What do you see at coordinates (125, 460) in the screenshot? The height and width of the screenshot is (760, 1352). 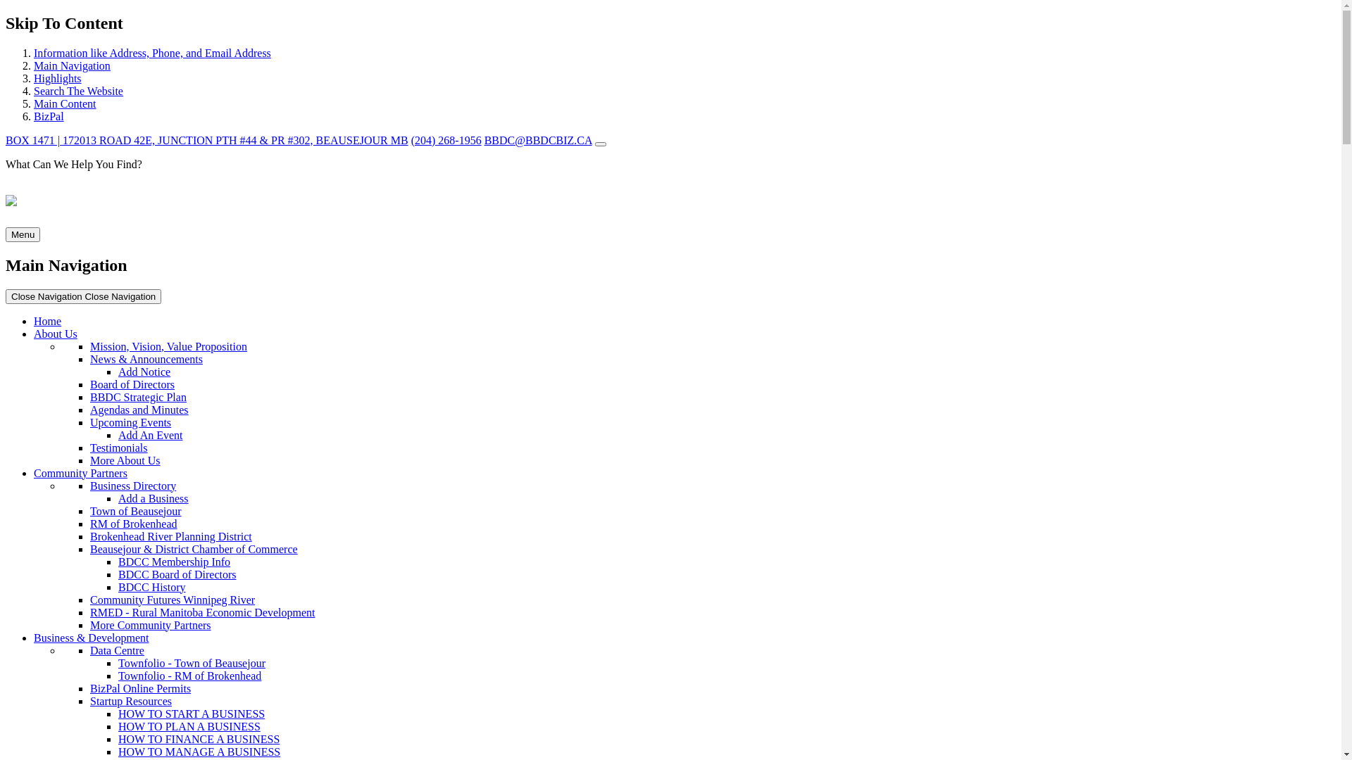 I see `'More About Us'` at bounding box center [125, 460].